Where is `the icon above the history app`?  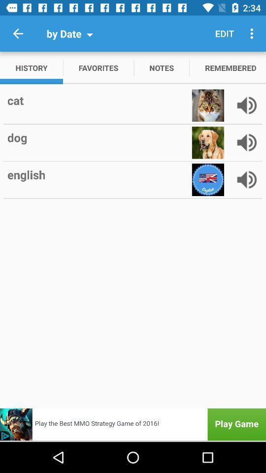 the icon above the history app is located at coordinates (18, 34).